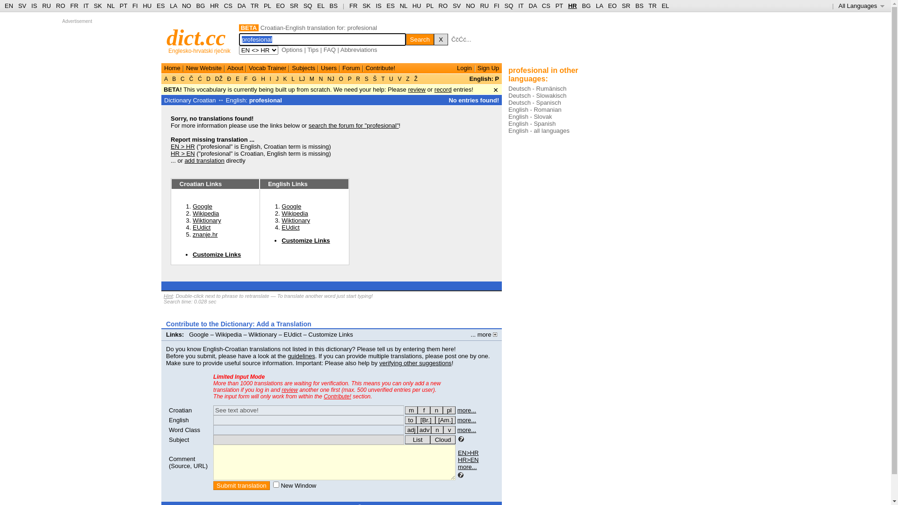  Describe the element at coordinates (530, 116) in the screenshot. I see `'English - Slovak'` at that location.